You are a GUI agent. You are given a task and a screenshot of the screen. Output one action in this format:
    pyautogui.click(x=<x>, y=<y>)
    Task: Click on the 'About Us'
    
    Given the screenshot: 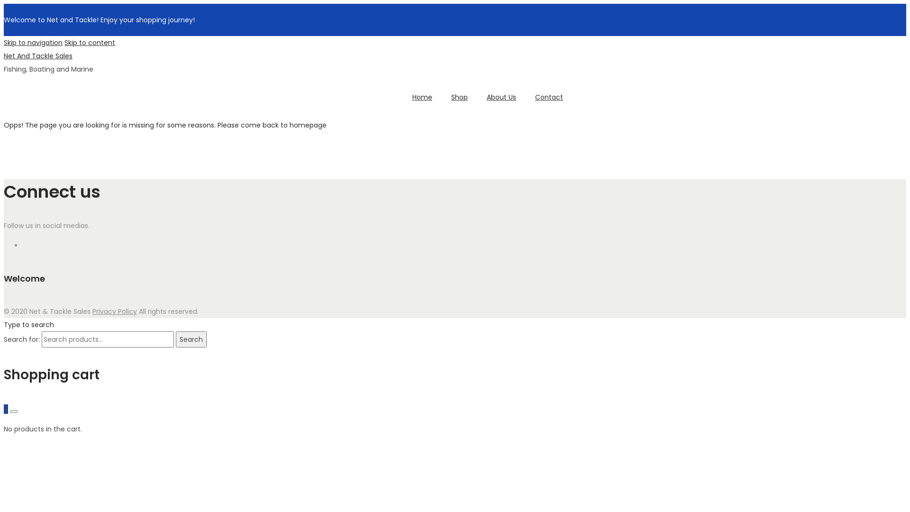 What is the action you would take?
    pyautogui.click(x=500, y=97)
    